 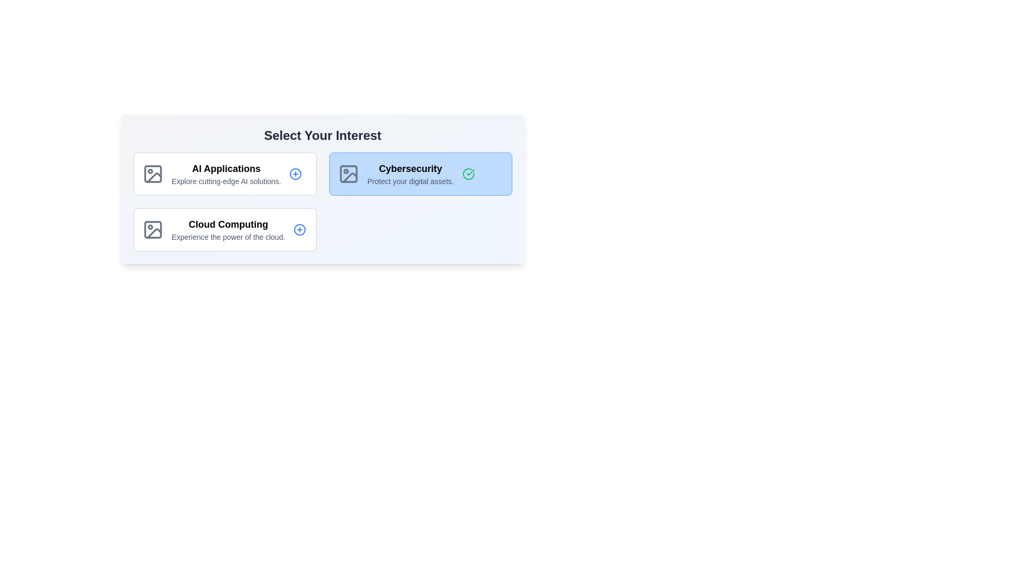 What do you see at coordinates (420, 174) in the screenshot?
I see `the card titled Cybersecurity` at bounding box center [420, 174].